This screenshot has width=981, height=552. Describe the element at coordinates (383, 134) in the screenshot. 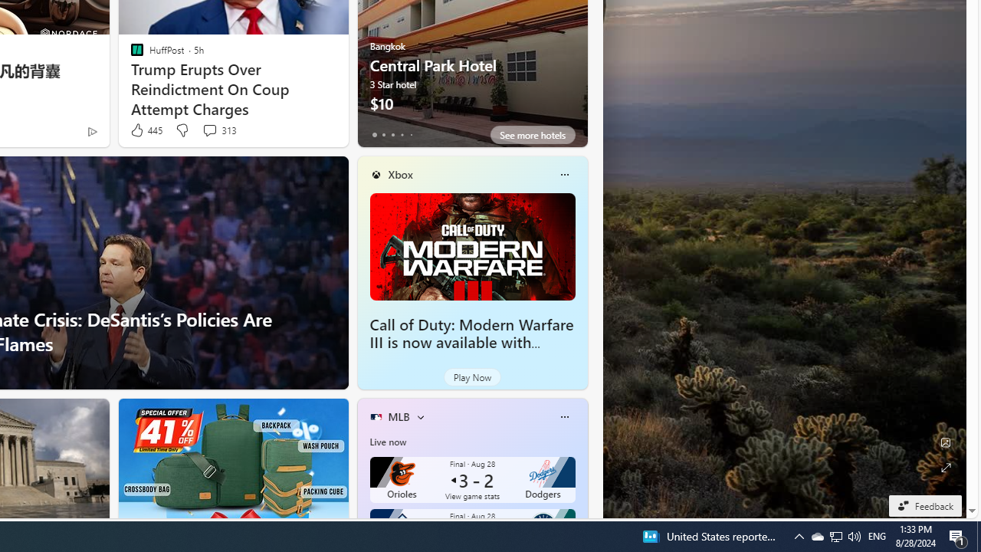

I see `'tab-1'` at that location.